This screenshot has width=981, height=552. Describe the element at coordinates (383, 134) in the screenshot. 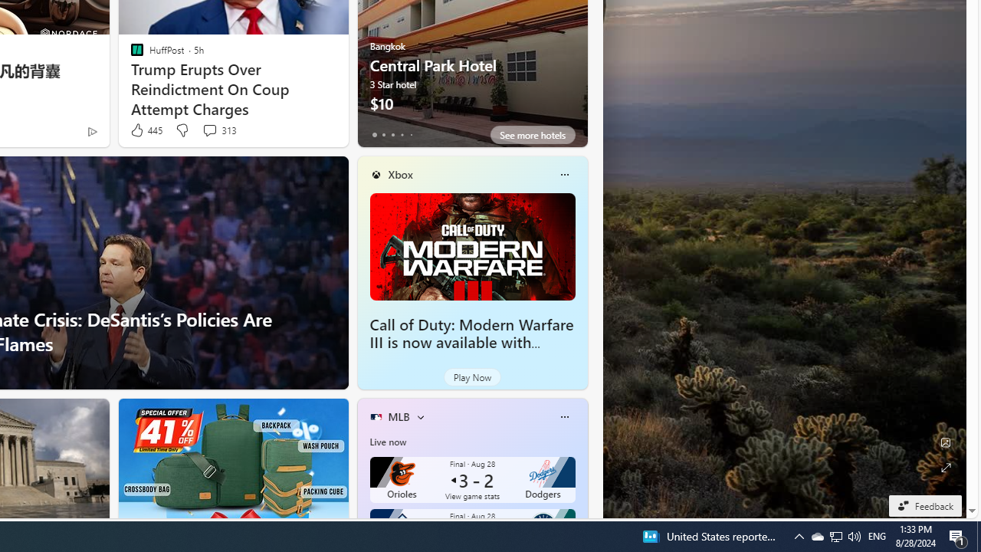

I see `'tab-1'` at that location.